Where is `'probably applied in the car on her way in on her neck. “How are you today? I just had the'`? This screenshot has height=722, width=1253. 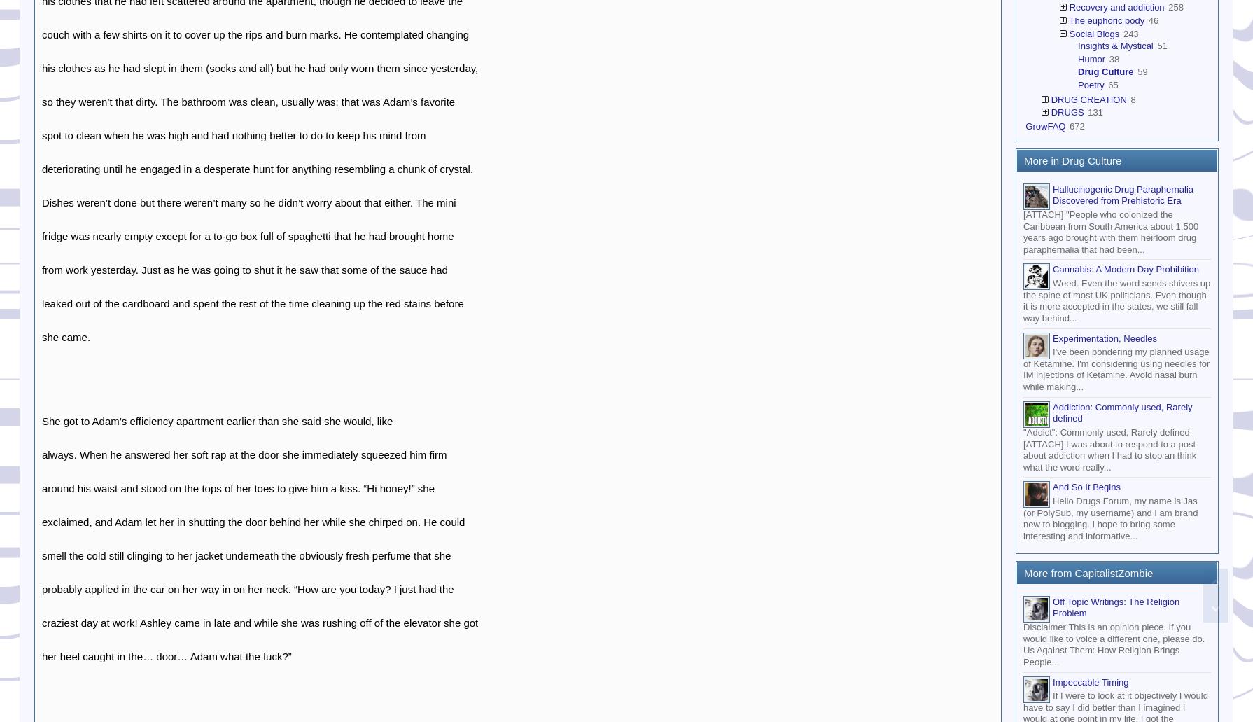
'probably applied in the car on her way in on her neck. “How are you today? I just had the' is located at coordinates (247, 588).